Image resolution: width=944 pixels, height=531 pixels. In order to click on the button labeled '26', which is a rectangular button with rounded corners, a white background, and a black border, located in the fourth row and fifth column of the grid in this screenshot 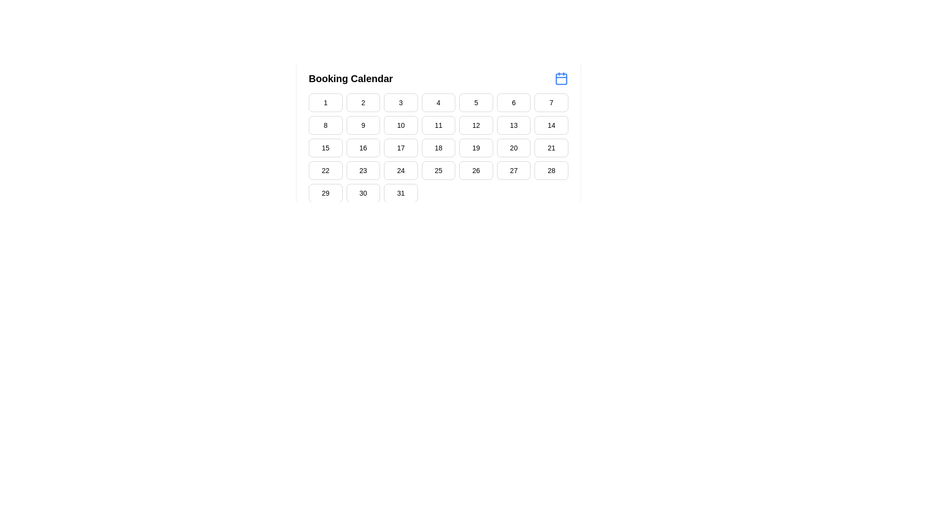, I will do `click(476, 170)`.